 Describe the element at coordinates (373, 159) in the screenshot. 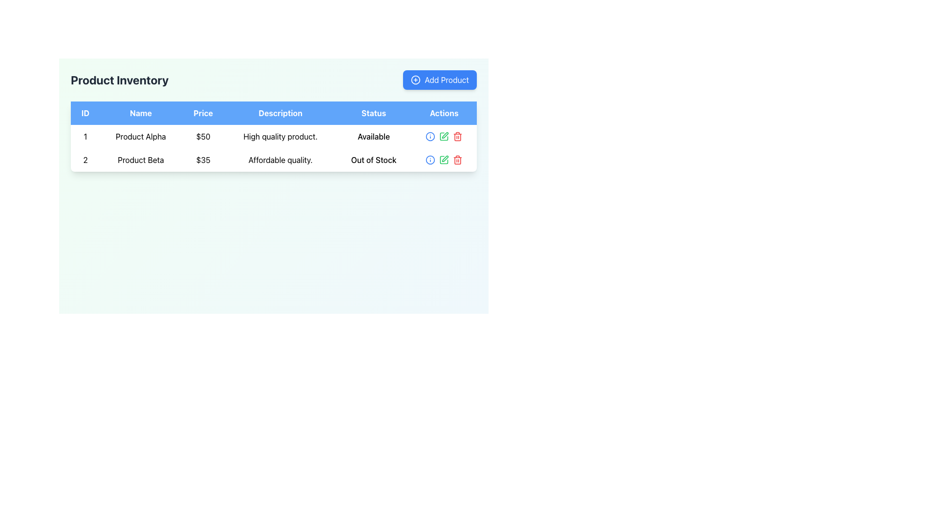

I see `the 'Out of Stock' text label in the 'Status' column of the second row of the product details table for 'Product Beta'` at that location.